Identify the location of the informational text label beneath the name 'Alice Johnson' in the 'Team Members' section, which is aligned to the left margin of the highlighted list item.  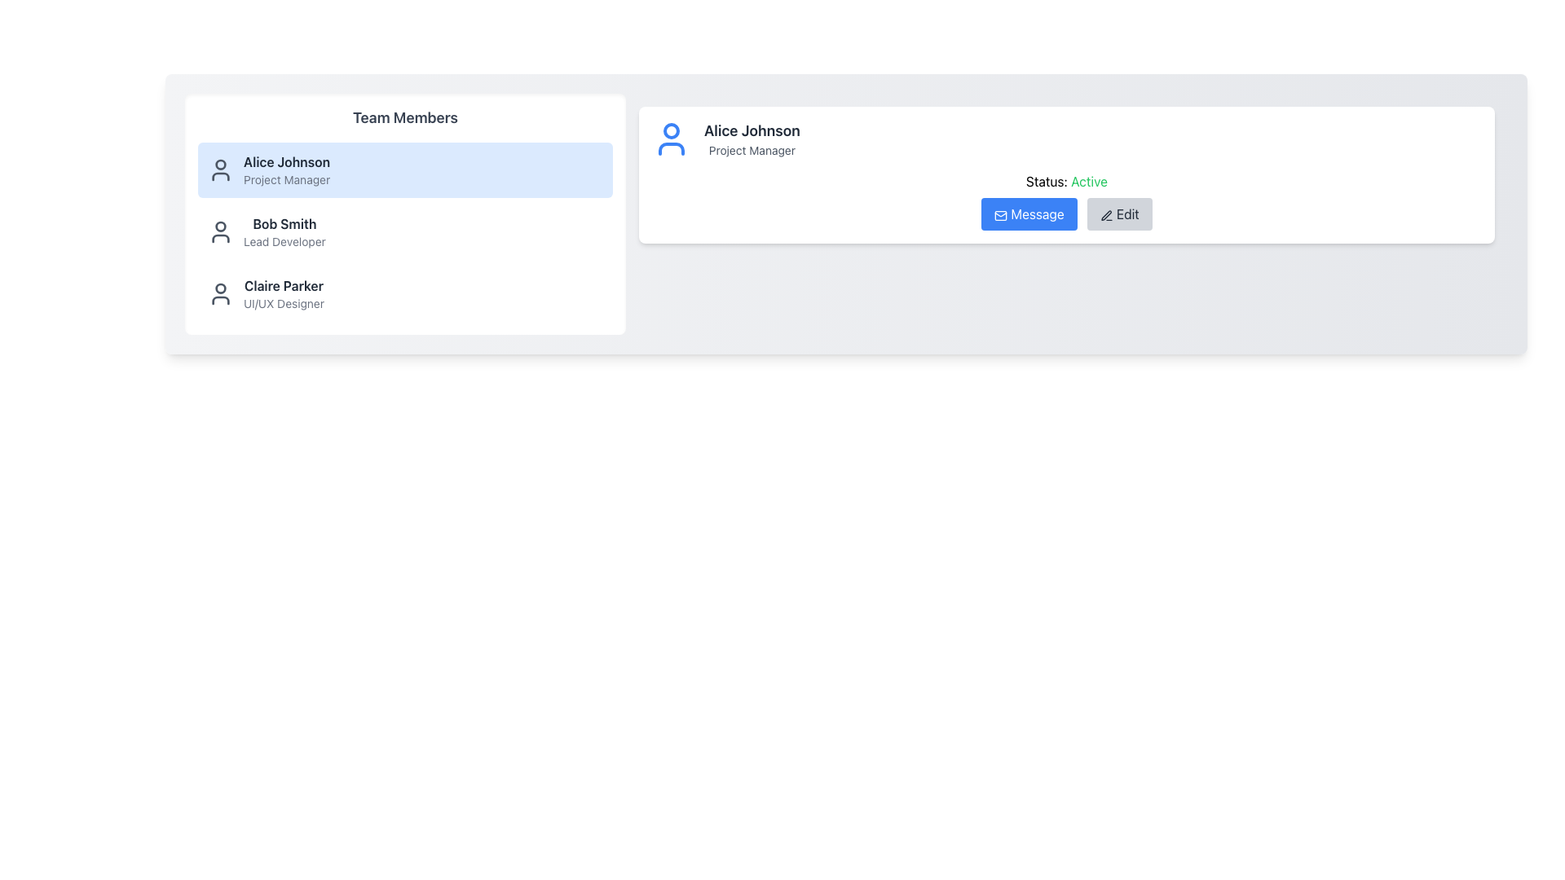
(287, 179).